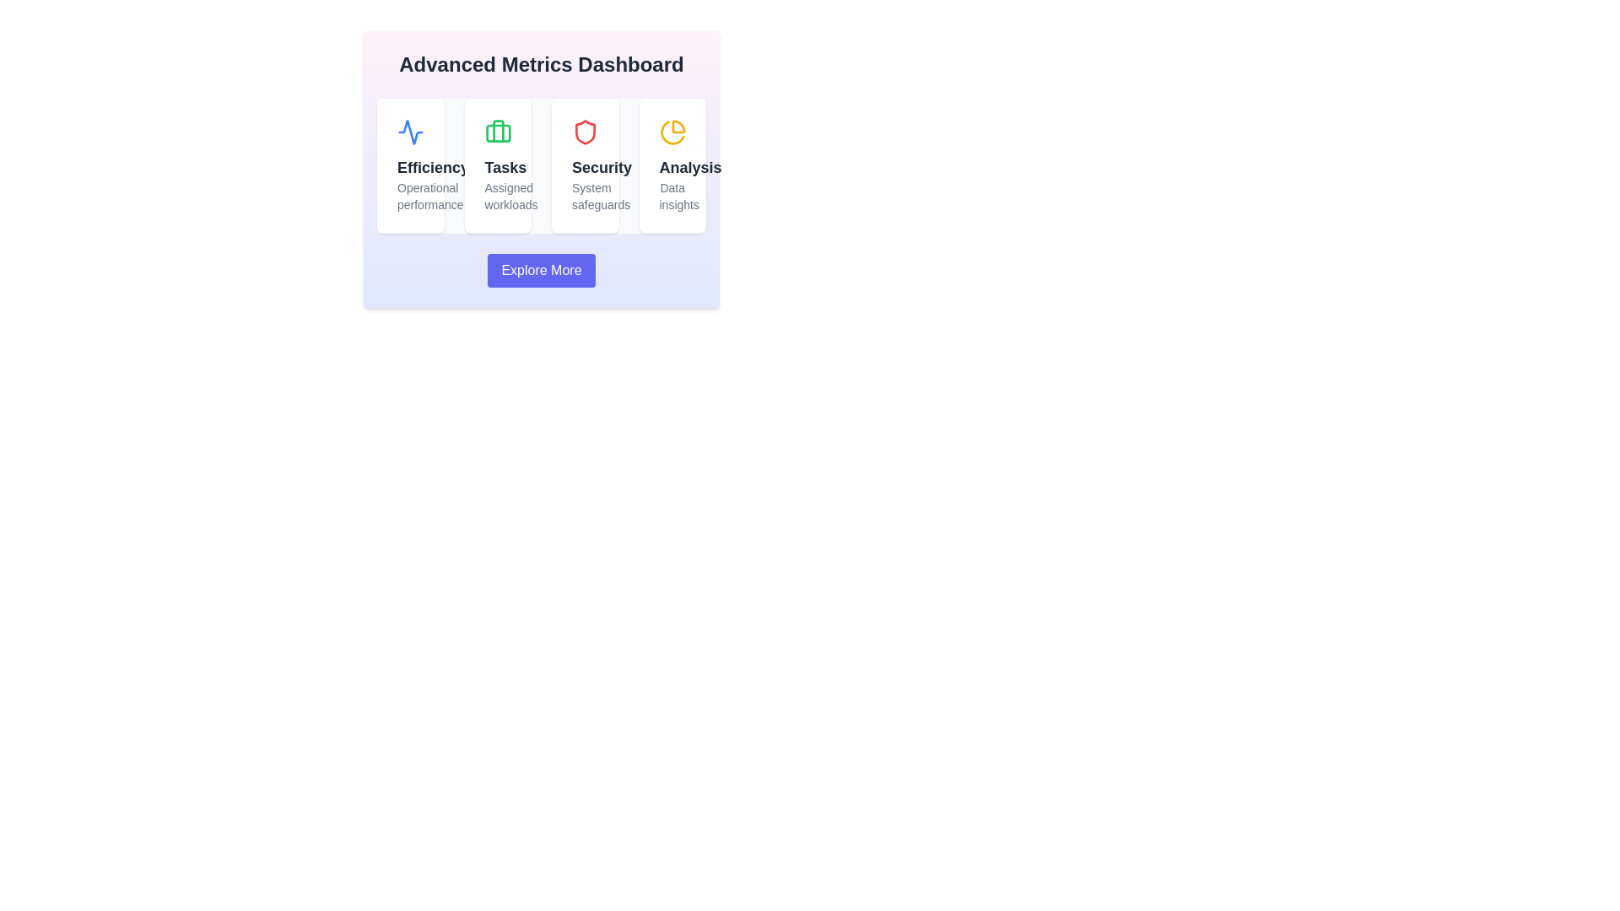 Image resolution: width=1620 pixels, height=911 pixels. Describe the element at coordinates (672, 165) in the screenshot. I see `the fourth card in the dashboard that represents data analysis functionality, located at the bottom-right of the grid layout, by clicking on it if it is interactive` at that location.